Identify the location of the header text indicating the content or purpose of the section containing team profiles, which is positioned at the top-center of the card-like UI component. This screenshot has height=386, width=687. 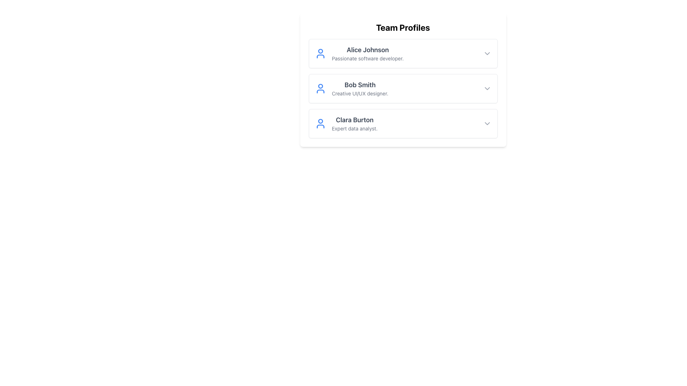
(403, 27).